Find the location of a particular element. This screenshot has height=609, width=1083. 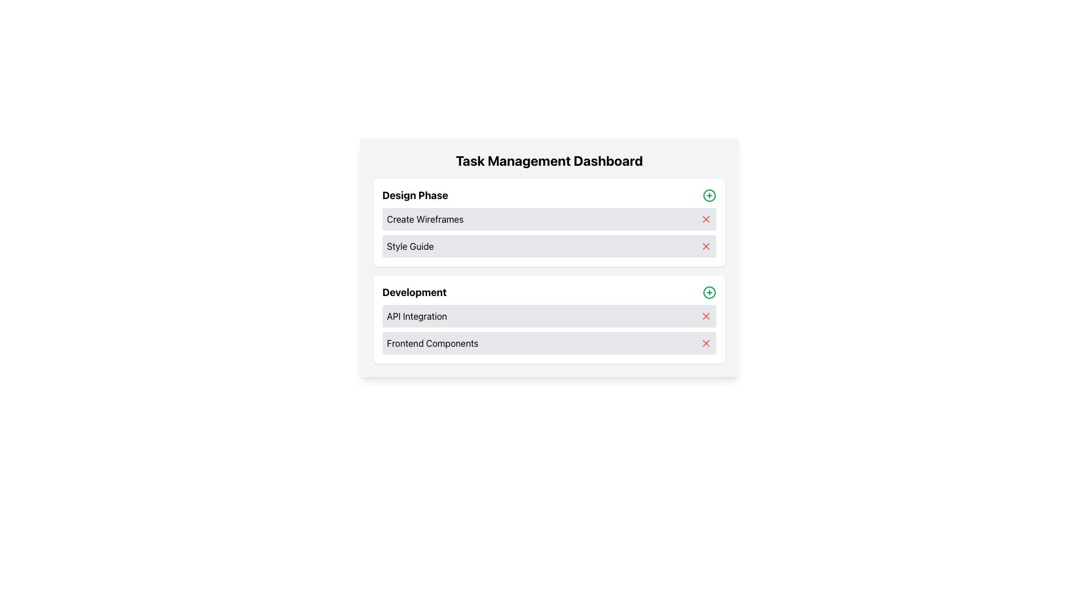

the circular icon with a green outline and a white background, located in the top-right corner of the 'Development' section of the dashboard, which signifies adding or modifying items is located at coordinates (708, 292).